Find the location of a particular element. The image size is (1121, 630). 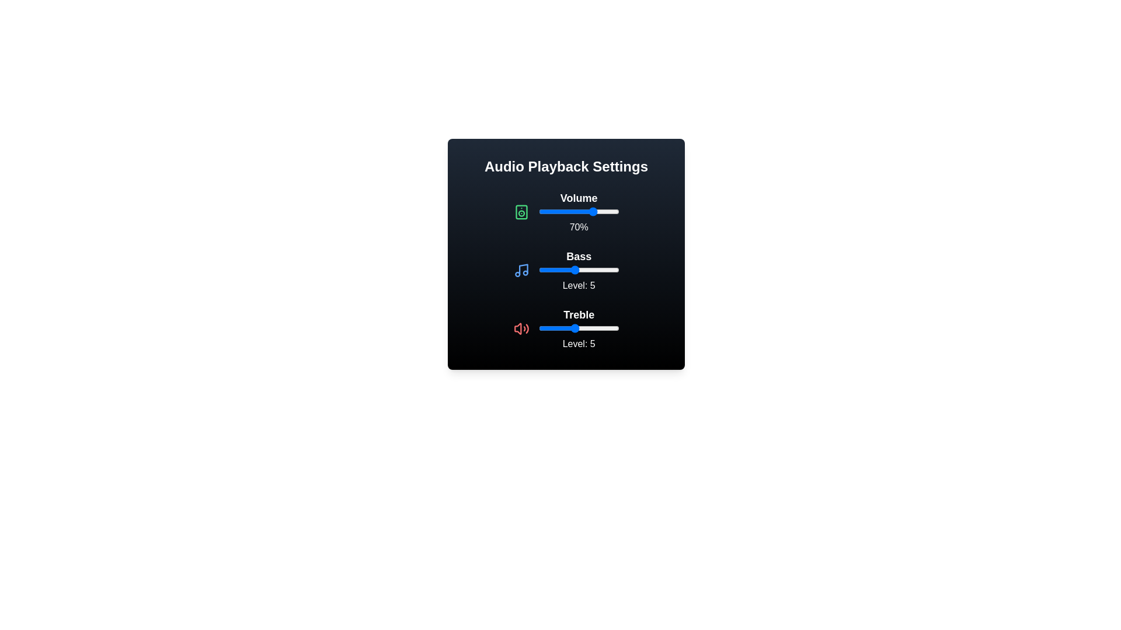

the treble level is located at coordinates (538, 328).